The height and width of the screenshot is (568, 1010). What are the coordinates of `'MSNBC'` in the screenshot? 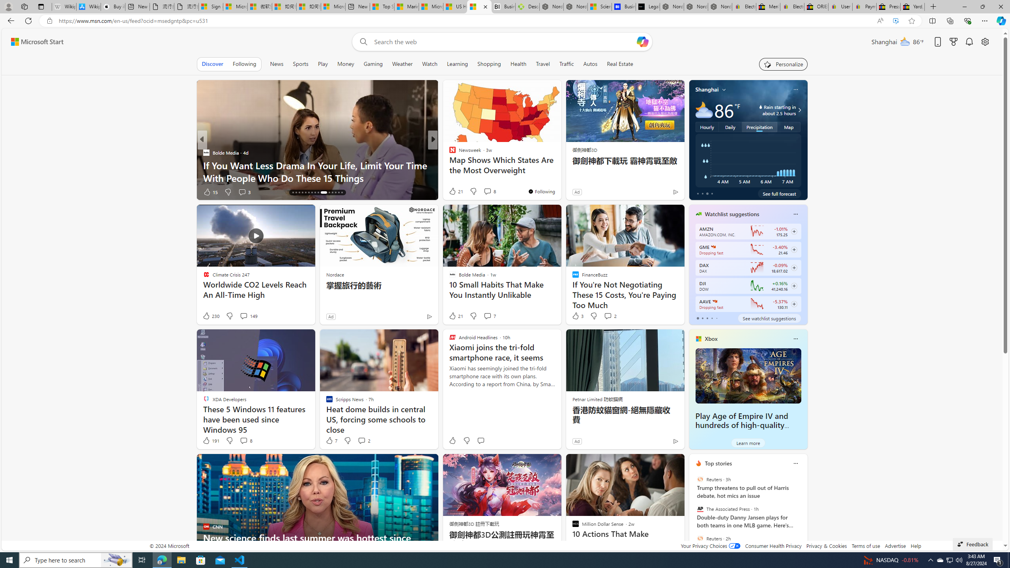 It's located at (449, 152).